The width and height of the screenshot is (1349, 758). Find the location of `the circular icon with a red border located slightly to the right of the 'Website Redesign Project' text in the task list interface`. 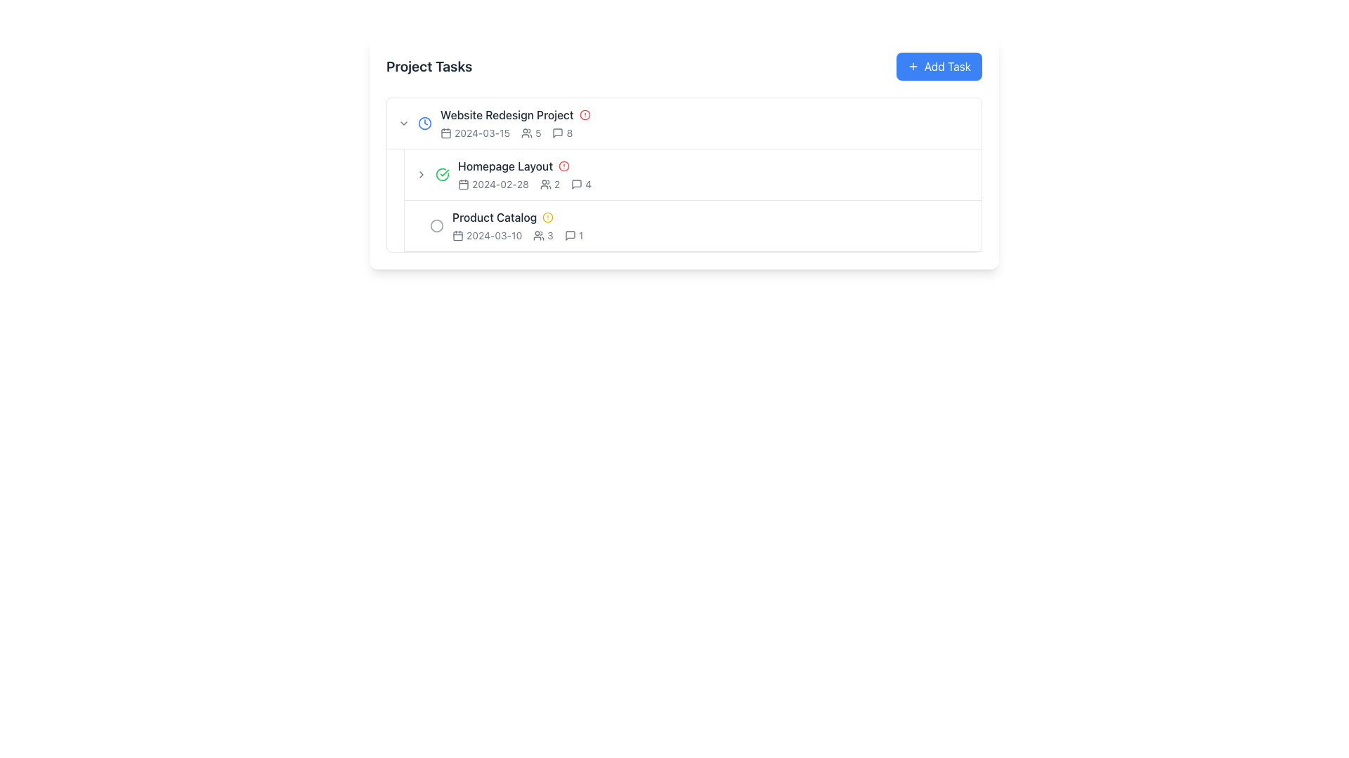

the circular icon with a red border located slightly to the right of the 'Website Redesign Project' text in the task list interface is located at coordinates (585, 114).